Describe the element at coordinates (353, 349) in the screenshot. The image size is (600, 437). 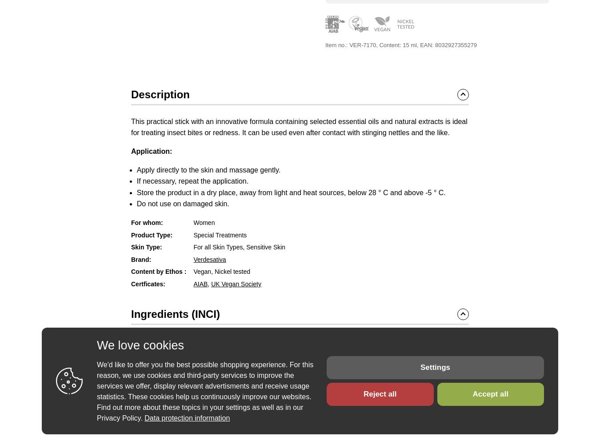
I see `'Mentha Piperita (Peppermint) Oil'` at that location.